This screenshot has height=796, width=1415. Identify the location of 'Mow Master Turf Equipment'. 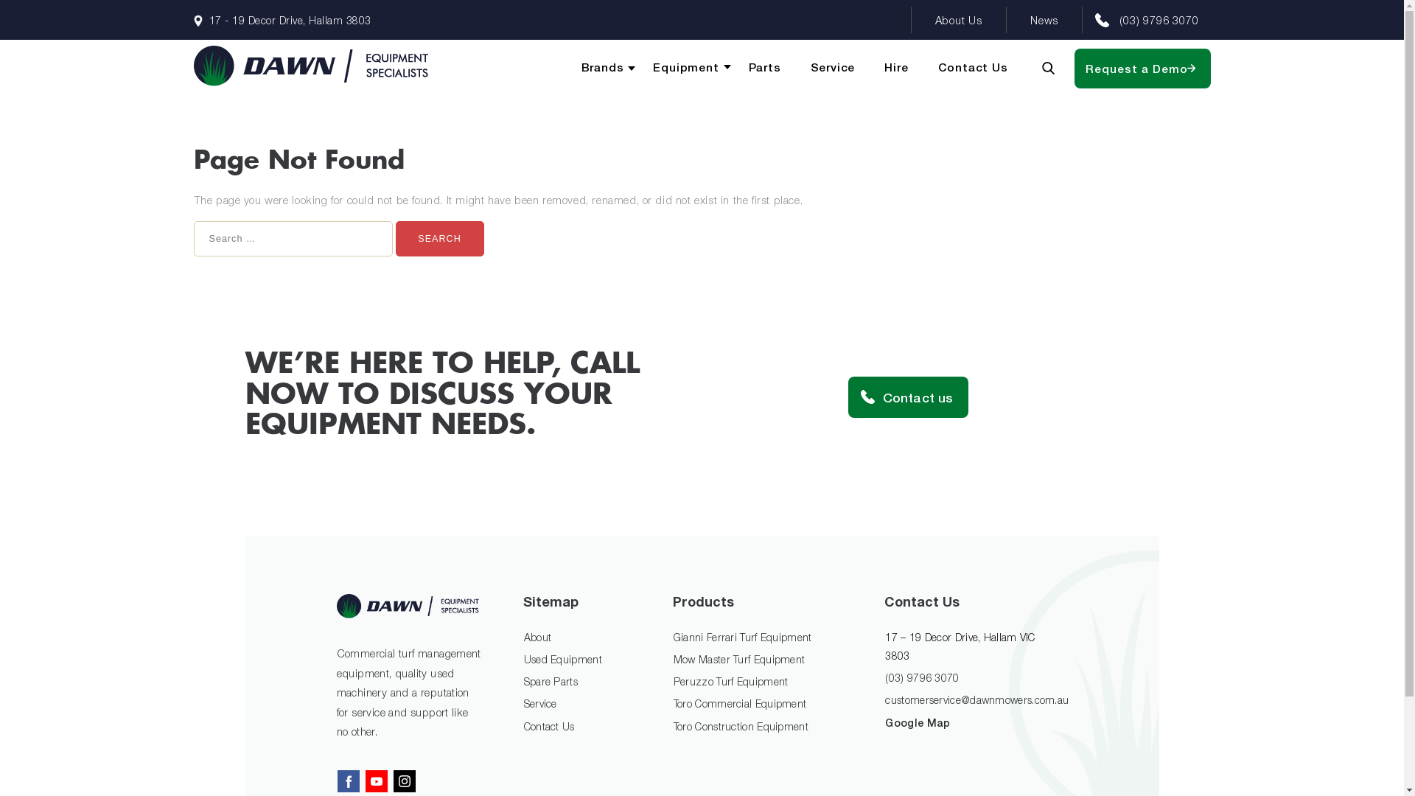
(739, 658).